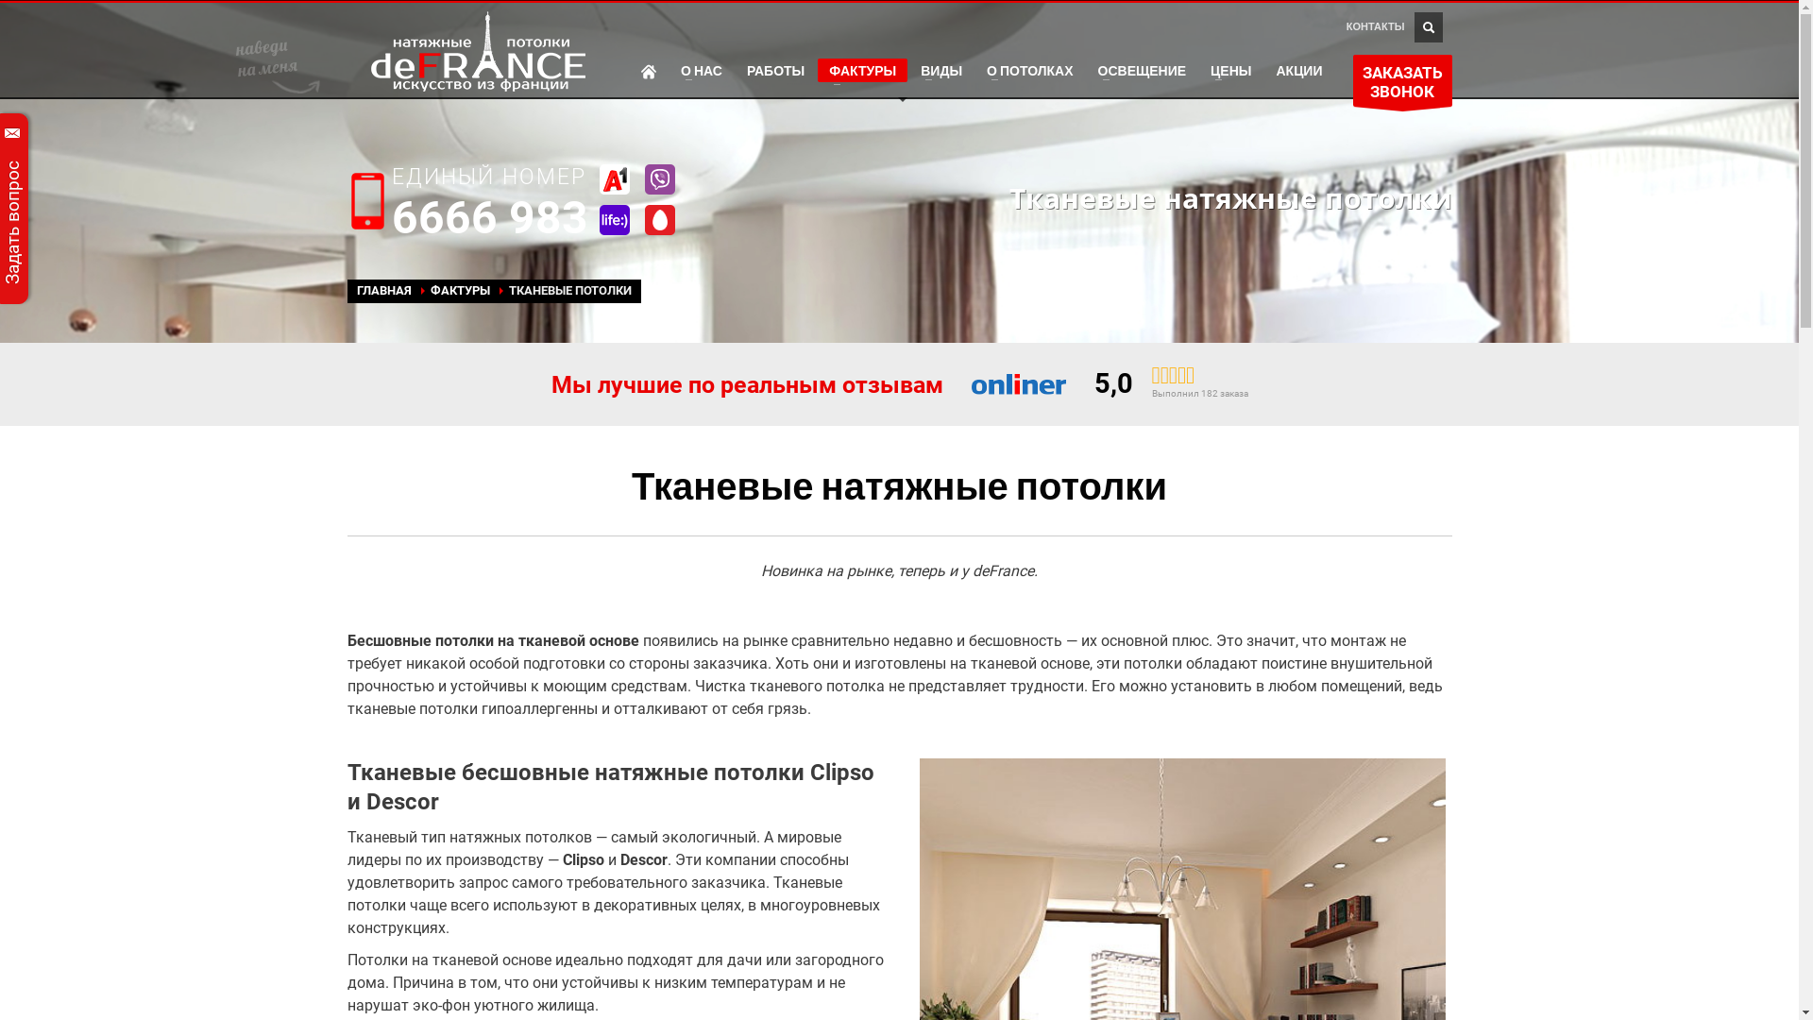 The image size is (1813, 1020). What do you see at coordinates (613, 218) in the screenshot?
I see `'Life'` at bounding box center [613, 218].